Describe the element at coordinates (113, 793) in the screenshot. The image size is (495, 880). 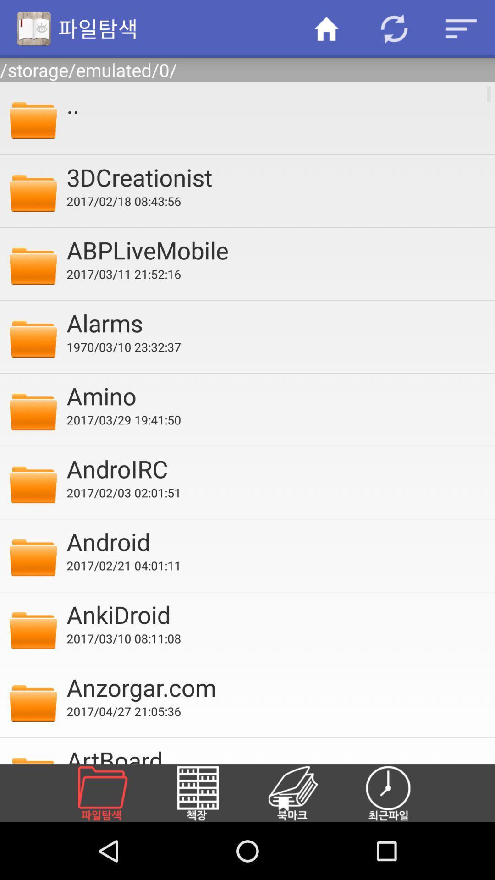
I see `open another archive` at that location.